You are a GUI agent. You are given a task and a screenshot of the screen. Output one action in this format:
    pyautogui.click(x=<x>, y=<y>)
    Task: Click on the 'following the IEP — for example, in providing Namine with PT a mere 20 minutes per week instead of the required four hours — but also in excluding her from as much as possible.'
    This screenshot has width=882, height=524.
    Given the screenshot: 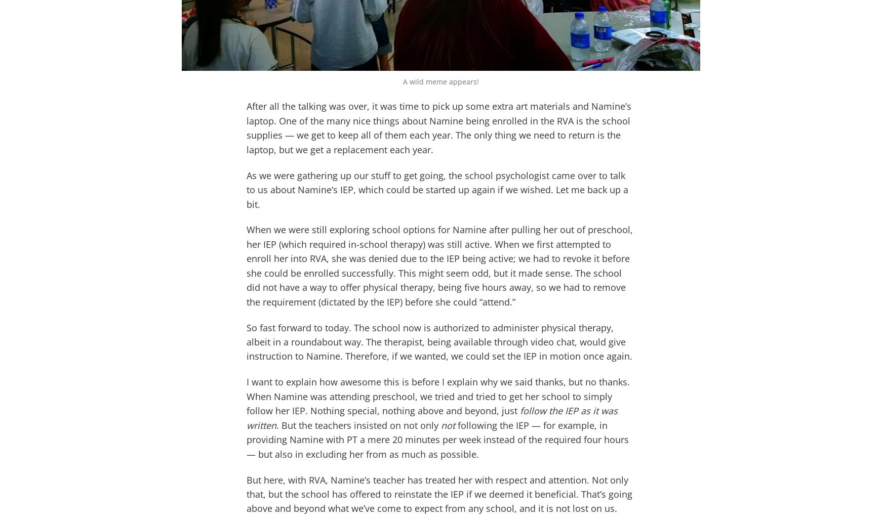 What is the action you would take?
    pyautogui.click(x=437, y=439)
    